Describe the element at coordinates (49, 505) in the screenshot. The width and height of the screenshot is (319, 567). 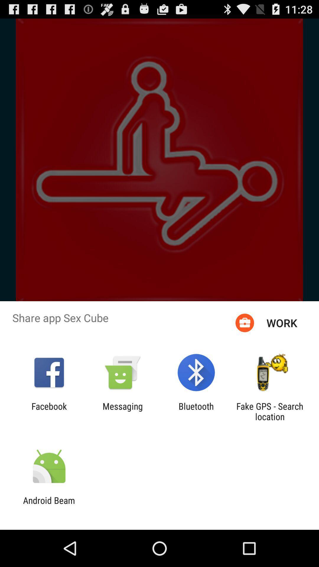
I see `android beam` at that location.